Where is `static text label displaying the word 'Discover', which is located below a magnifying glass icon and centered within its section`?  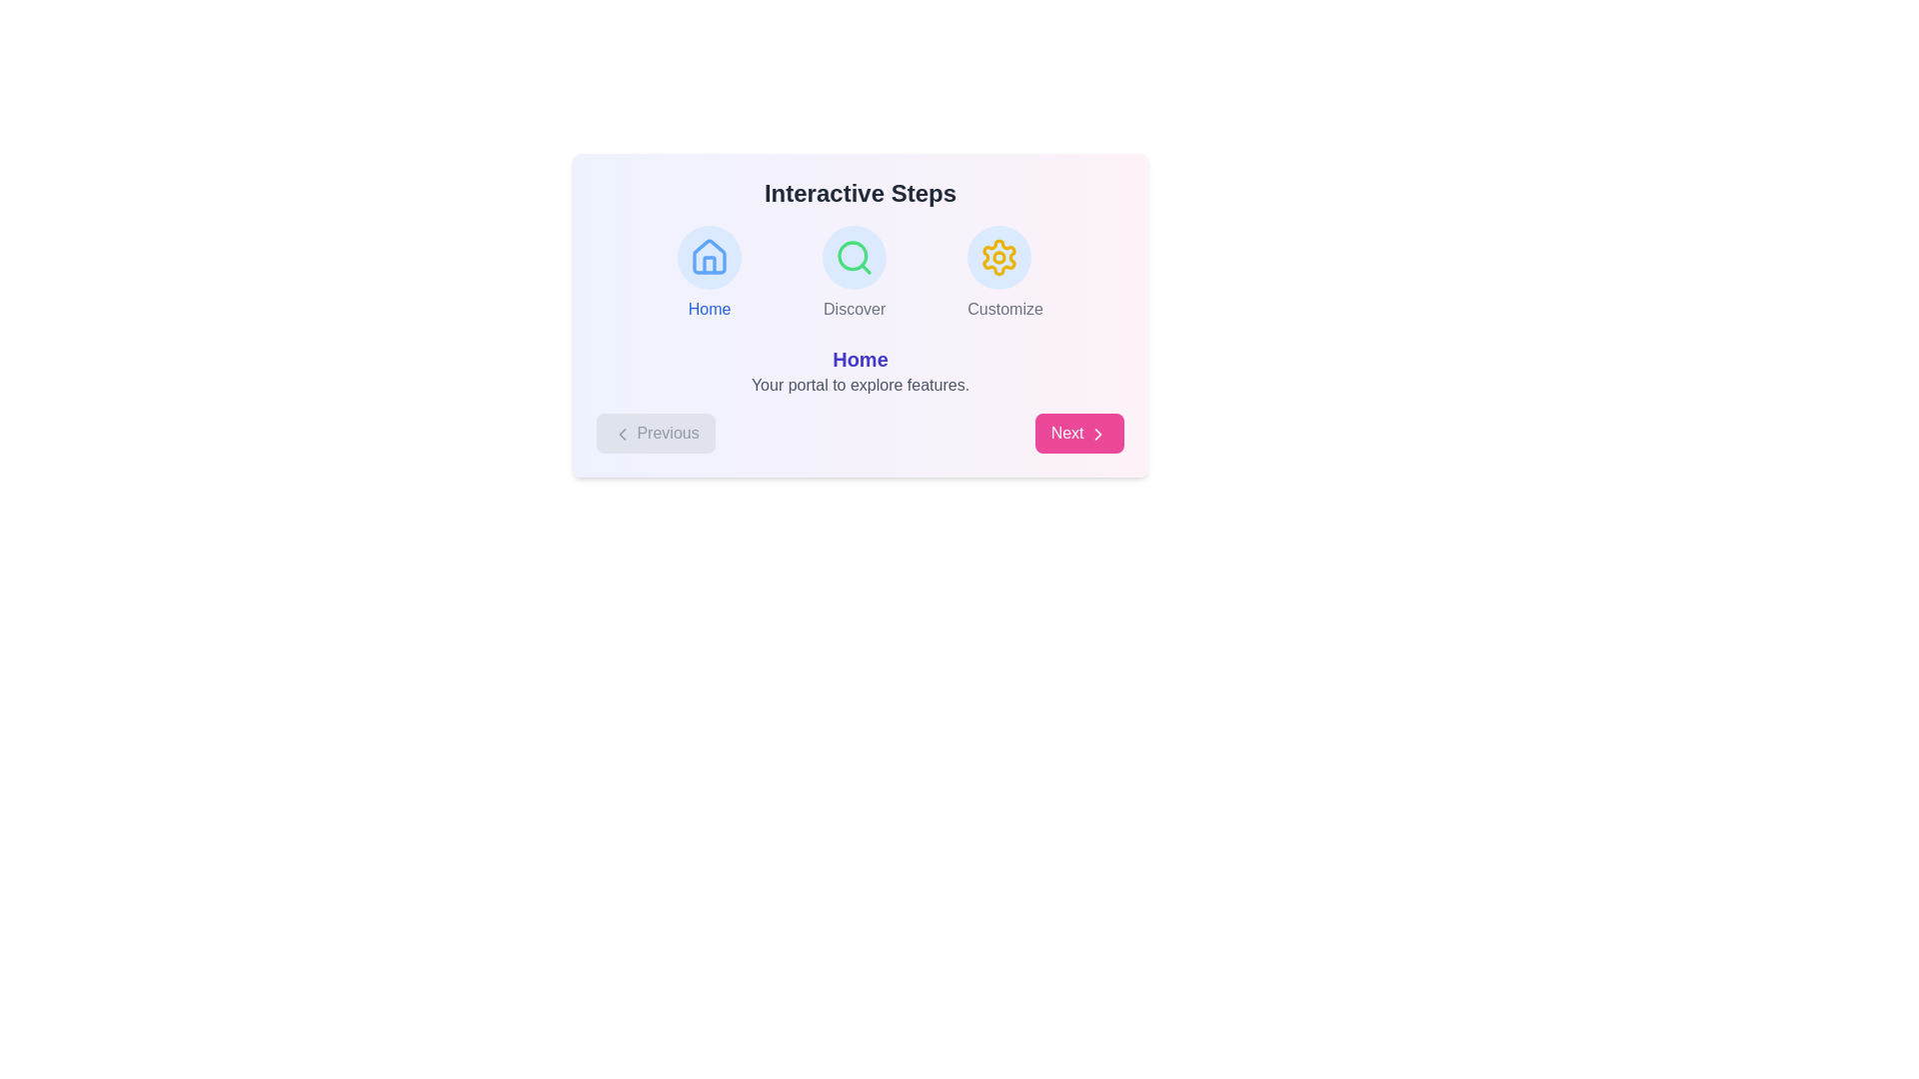
static text label displaying the word 'Discover', which is located below a magnifying glass icon and centered within its section is located at coordinates (855, 309).